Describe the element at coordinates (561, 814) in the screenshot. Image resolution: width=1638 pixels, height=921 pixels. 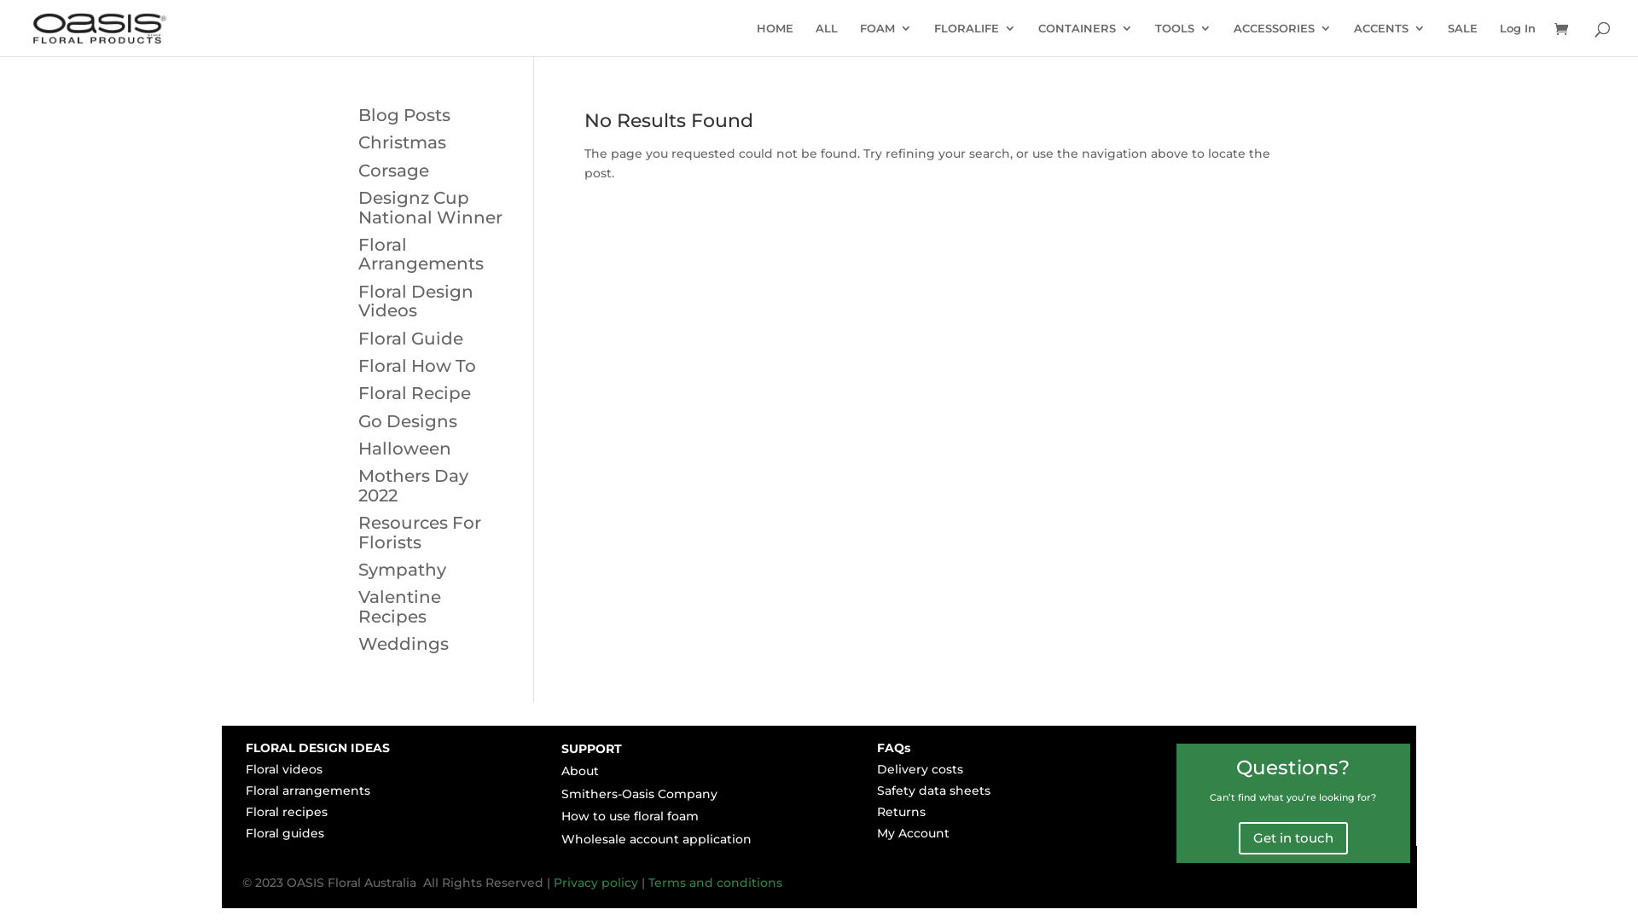
I see `'How to use floral foam'` at that location.